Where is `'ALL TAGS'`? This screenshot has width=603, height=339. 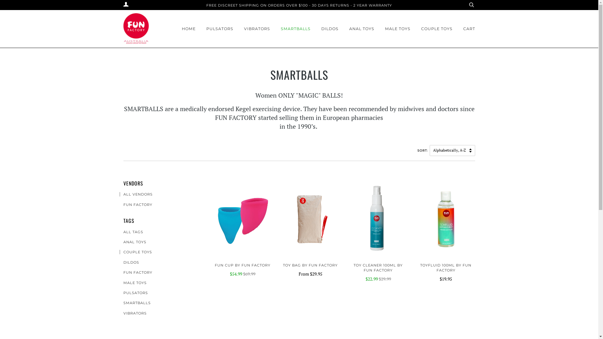 'ALL TAGS' is located at coordinates (131, 232).